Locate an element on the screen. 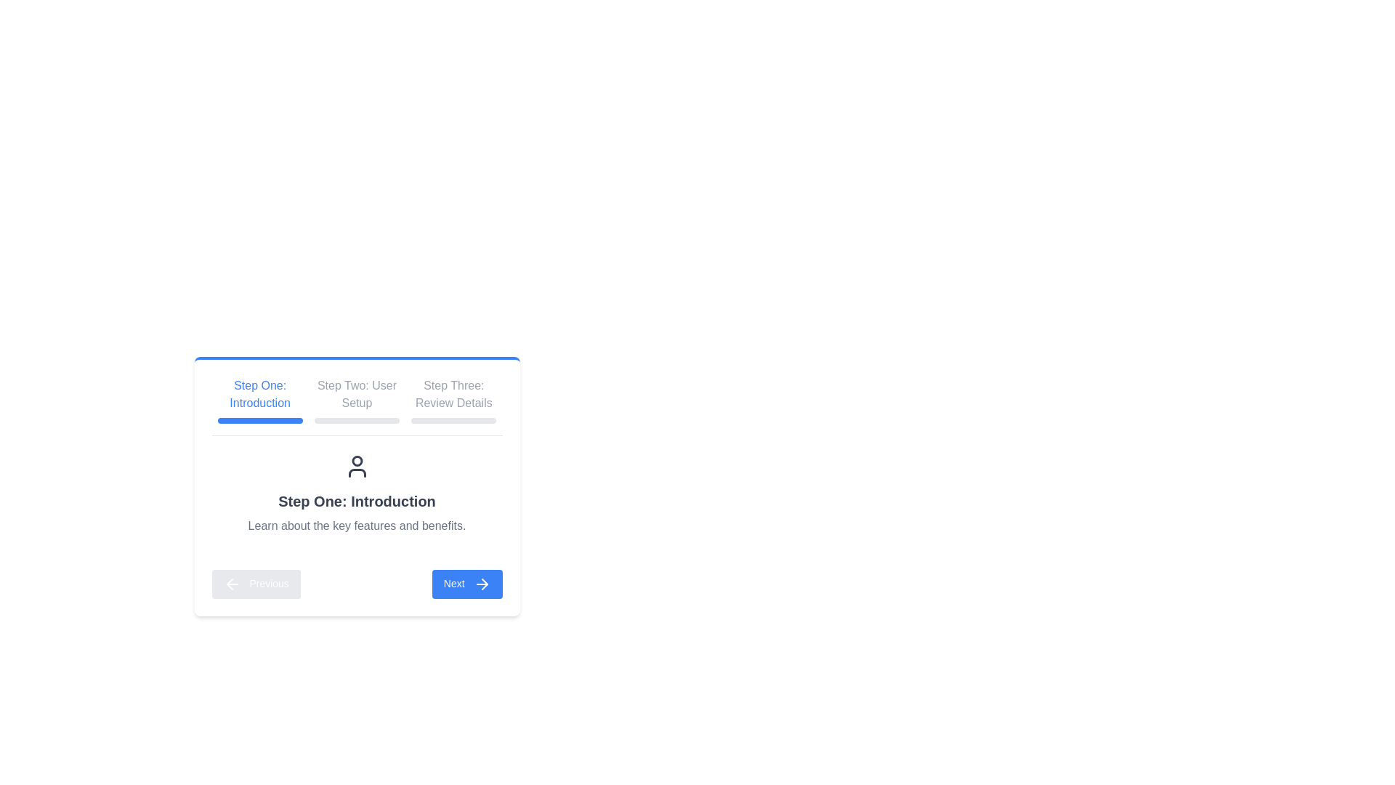 The image size is (1395, 785). the static text label displaying 'Step Three: Review Details' in gray font color, which is the third item in the horizontal step-indicator component at the top of the interface is located at coordinates (453, 395).